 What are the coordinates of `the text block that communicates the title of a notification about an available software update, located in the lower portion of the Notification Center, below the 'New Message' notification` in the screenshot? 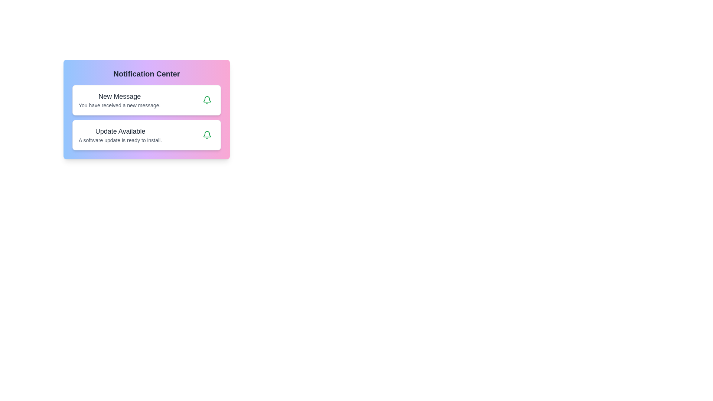 It's located at (120, 135).